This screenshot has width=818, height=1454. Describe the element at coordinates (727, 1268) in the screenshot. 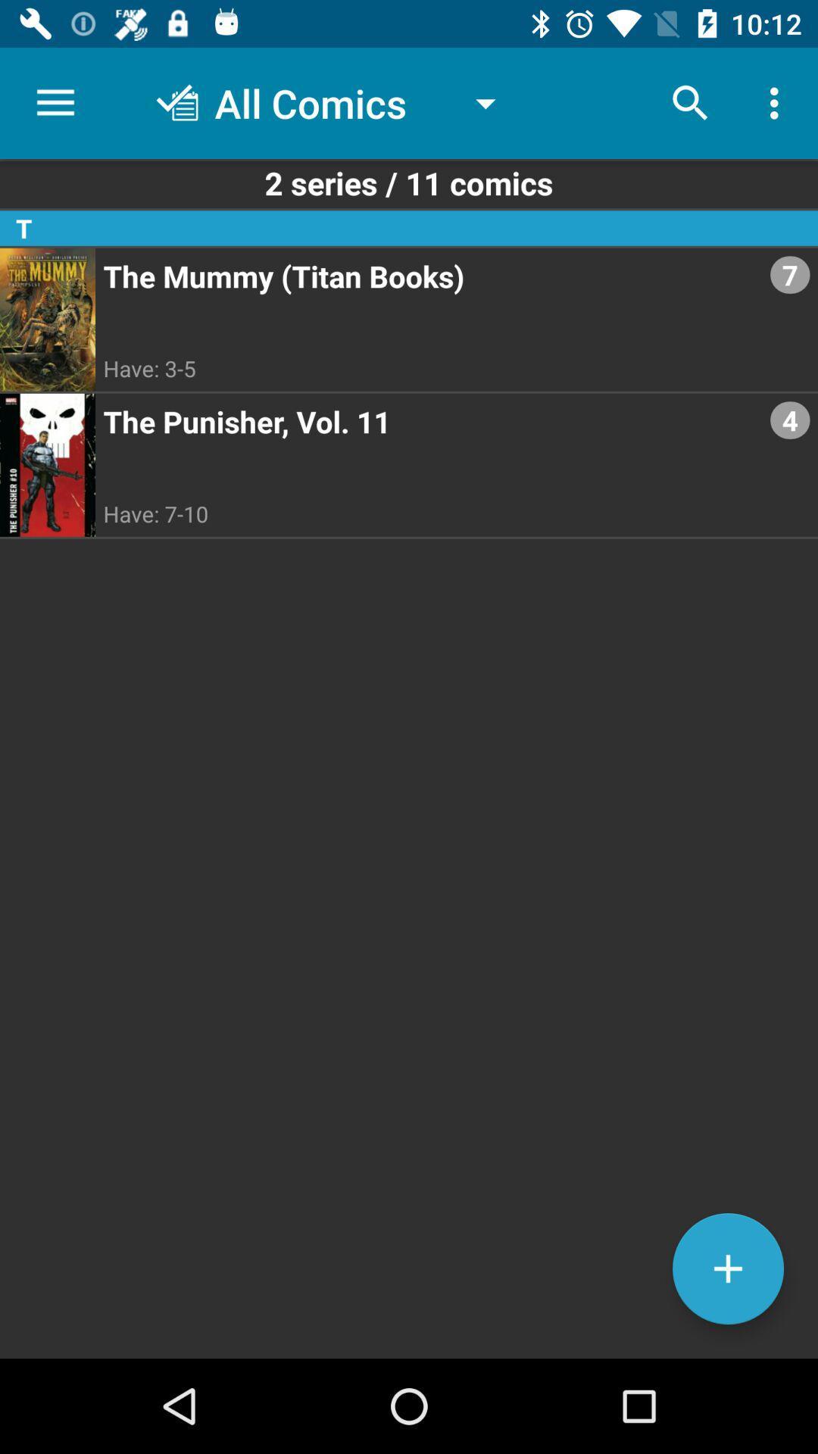

I see `all contact open` at that location.